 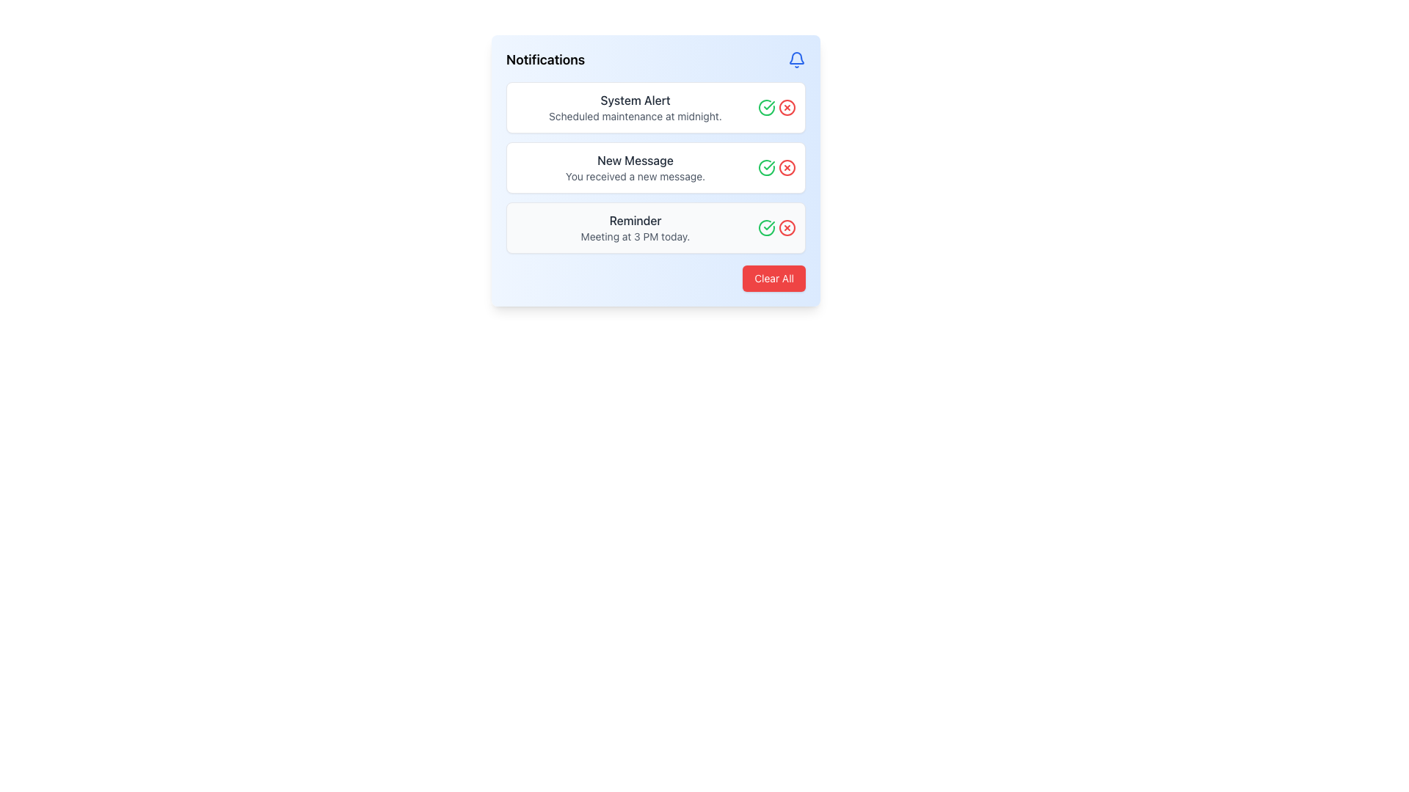 What do you see at coordinates (795, 57) in the screenshot?
I see `the bell icon in the top right corner of the notification panel, adjacent to the title 'Notifications'` at bounding box center [795, 57].